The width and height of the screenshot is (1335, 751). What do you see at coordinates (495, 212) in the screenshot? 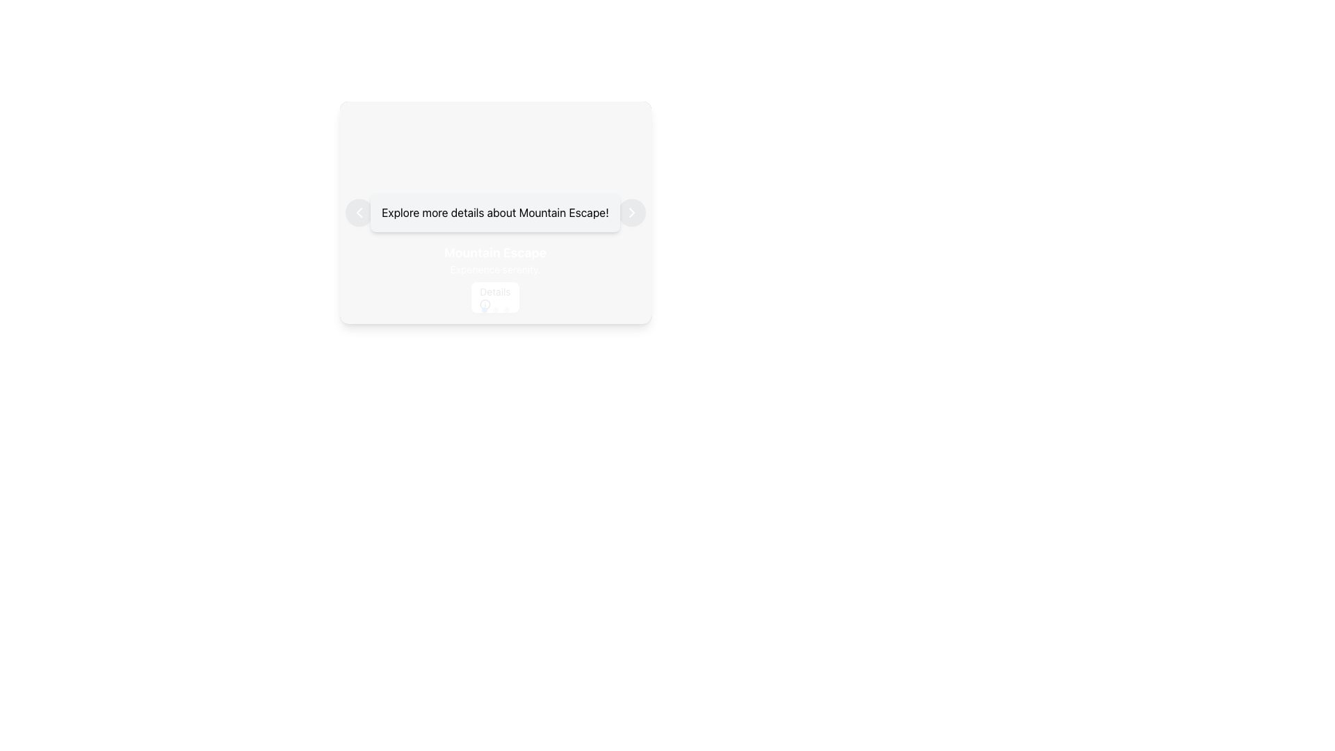
I see `the static text display that contains the text 'Explore more details about Mountain Escape!' which is displayed in a bold sans-serif font on a light gray background` at bounding box center [495, 212].